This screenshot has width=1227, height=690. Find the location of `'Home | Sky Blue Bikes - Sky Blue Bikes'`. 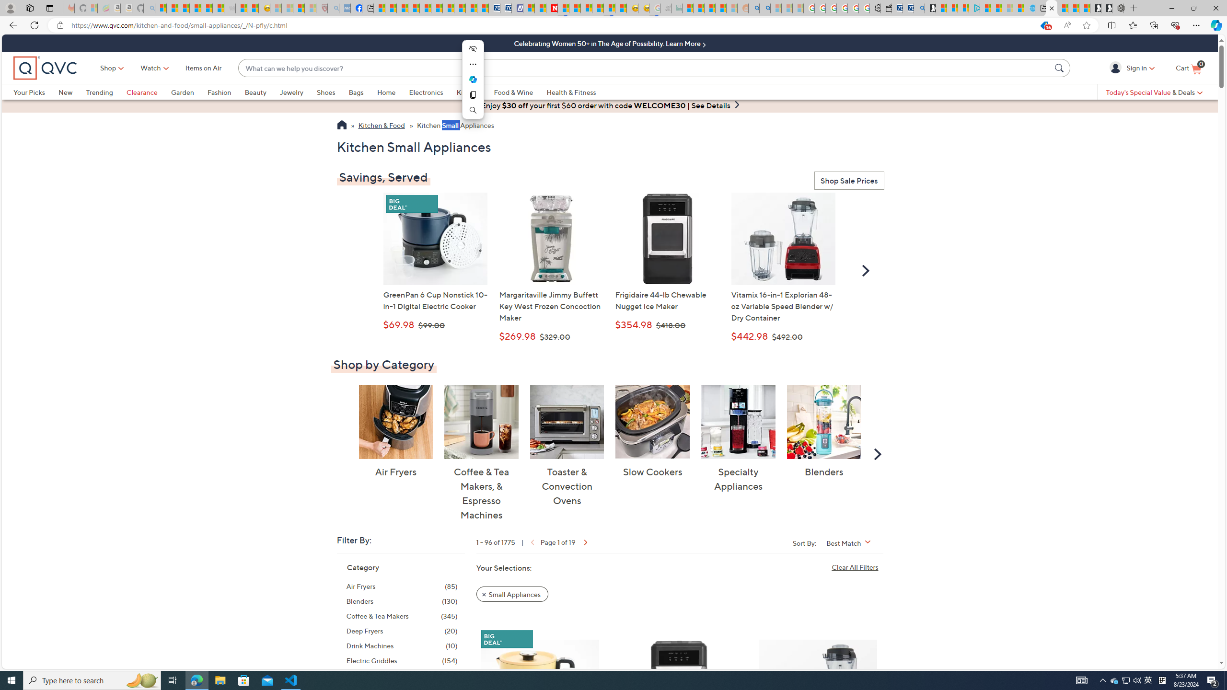

'Home | Sky Blue Bikes - Sky Blue Bikes' is located at coordinates (1029, 8).